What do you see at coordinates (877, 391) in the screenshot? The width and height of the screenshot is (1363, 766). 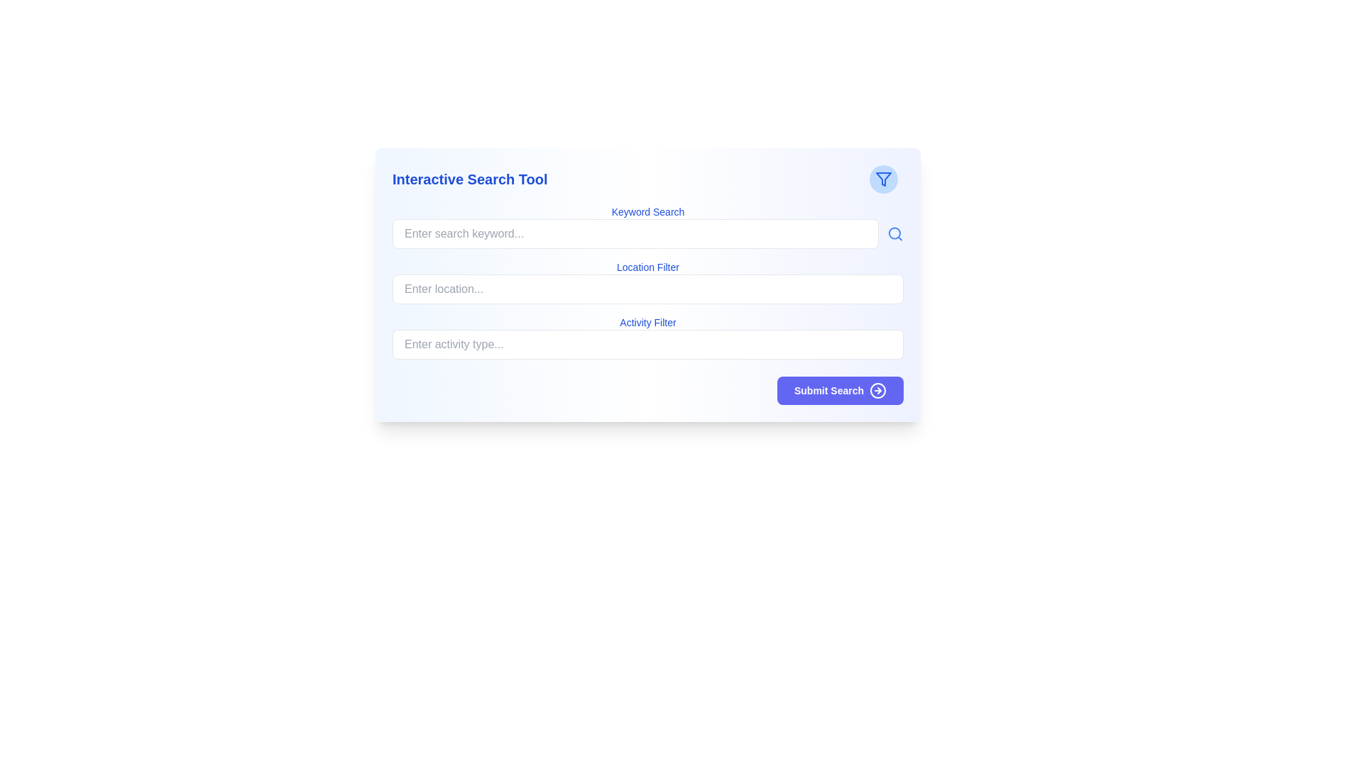 I see `the decorative arrow icon located within the circular icon at the bottom-right corner of the main interface, adjacent to the 'Submit Search' button` at bounding box center [877, 391].